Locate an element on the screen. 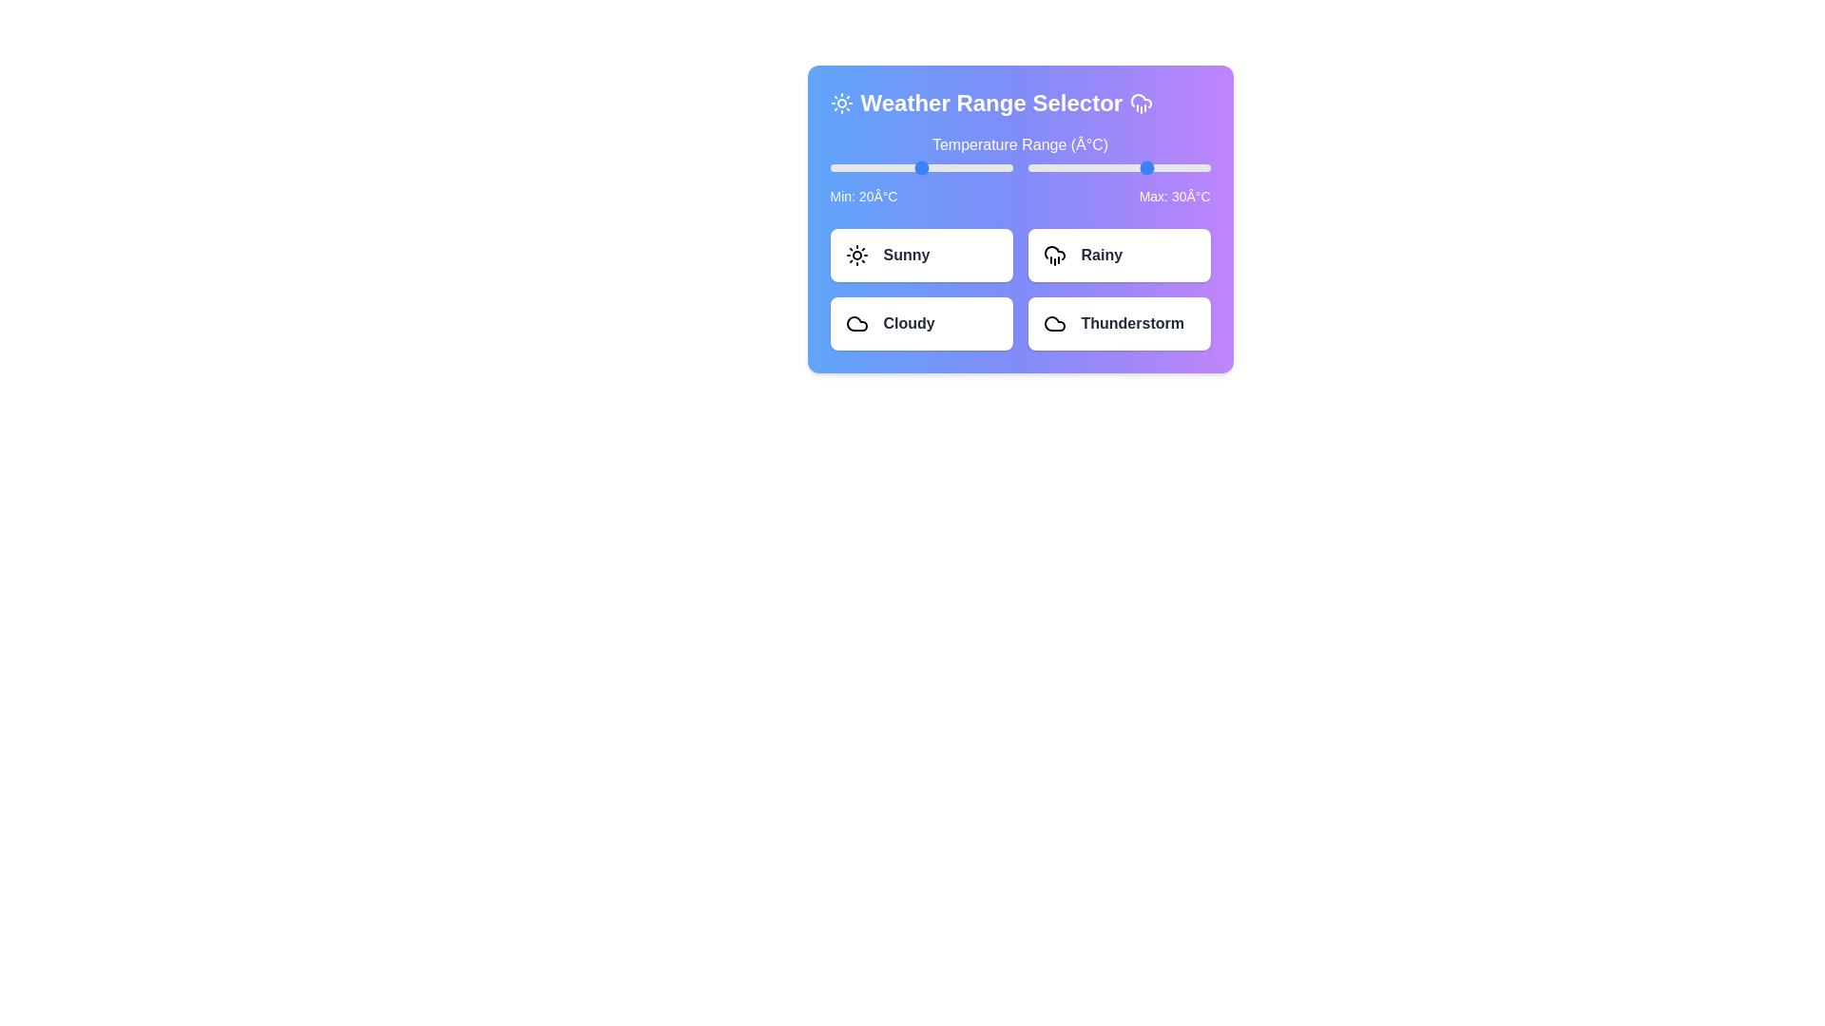 Image resolution: width=1825 pixels, height=1026 pixels. the minimum temperature range slider to 15°C is located at coordinates (905, 167).